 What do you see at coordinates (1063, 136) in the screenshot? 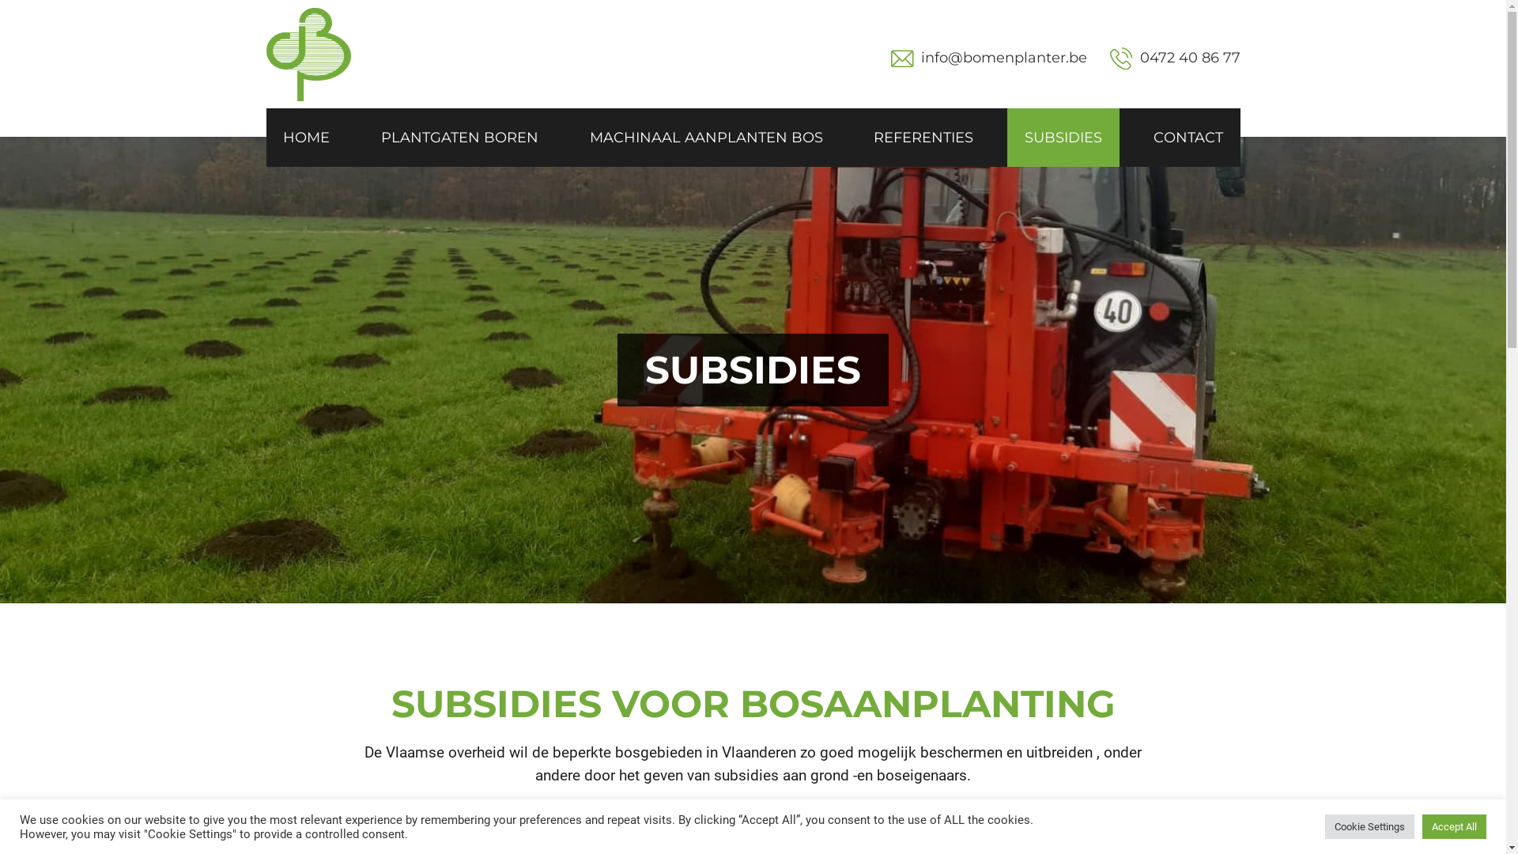
I see `'SUBSIDIES'` at bounding box center [1063, 136].